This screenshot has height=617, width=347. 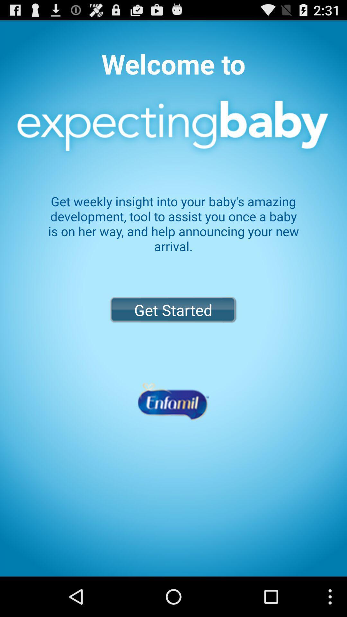 I want to click on the get started button, so click(x=173, y=310).